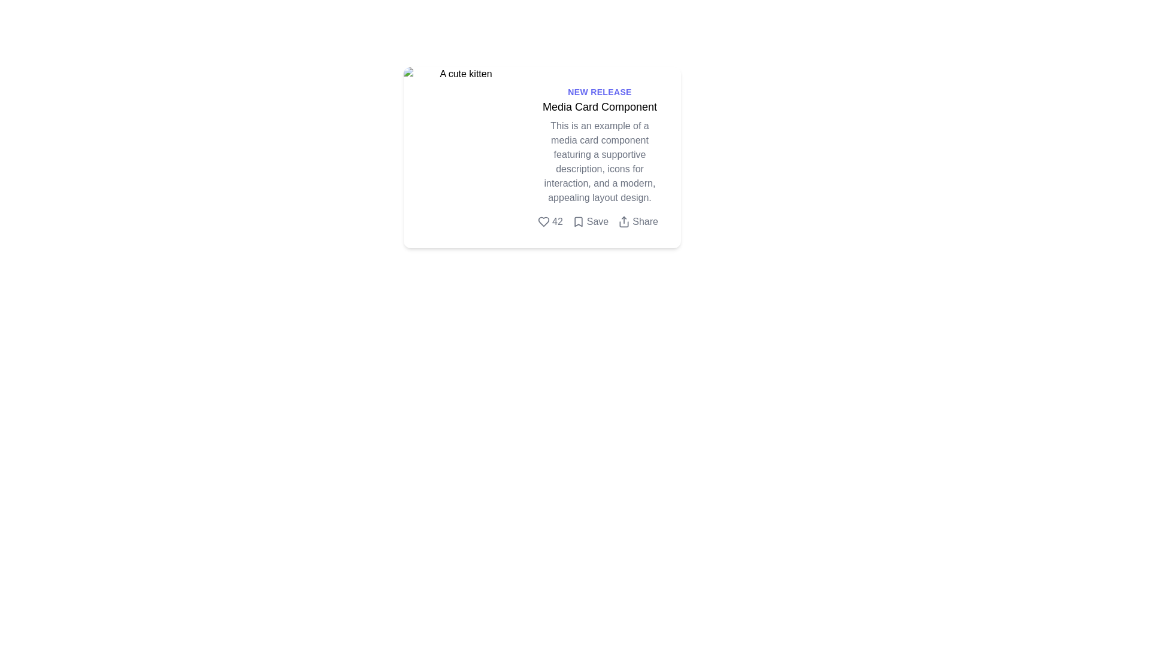 Image resolution: width=1150 pixels, height=646 pixels. What do you see at coordinates (598, 221) in the screenshot?
I see `text label indicating the Save action within the button-like UI component, which is located to the right of the bookmark icon` at bounding box center [598, 221].